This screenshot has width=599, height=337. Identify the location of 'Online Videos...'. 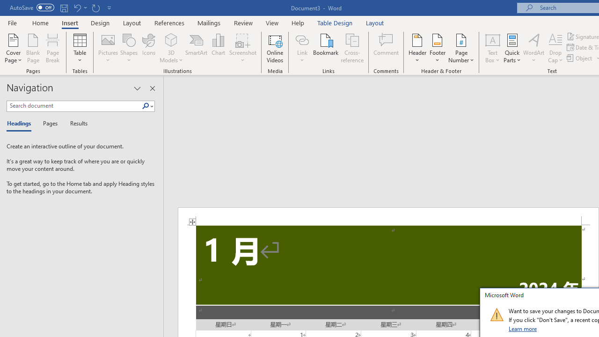
(275, 48).